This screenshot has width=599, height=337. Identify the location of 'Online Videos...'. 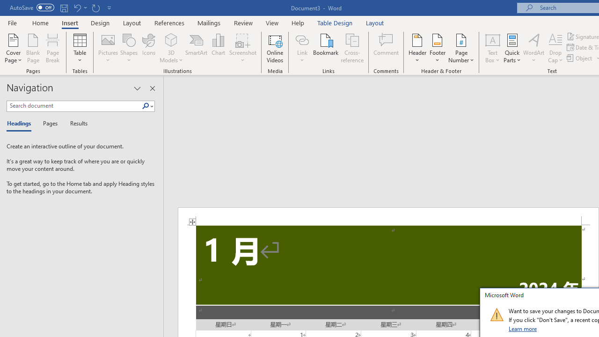
(275, 48).